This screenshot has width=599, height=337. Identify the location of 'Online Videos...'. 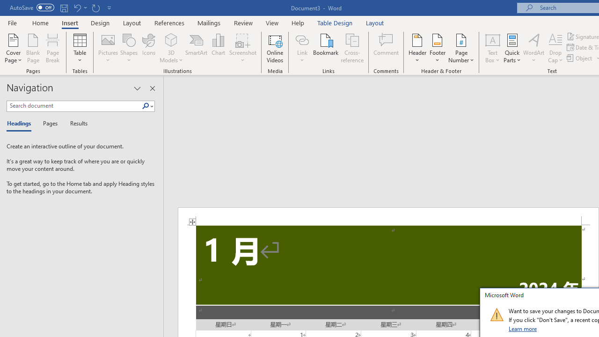
(275, 48).